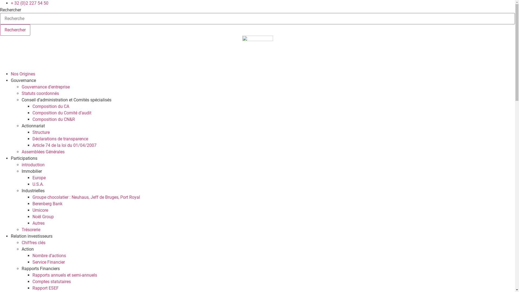  What do you see at coordinates (39, 178) in the screenshot?
I see `'Europe'` at bounding box center [39, 178].